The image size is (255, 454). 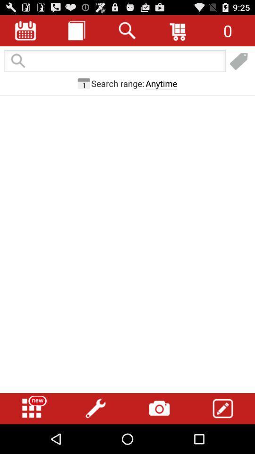 What do you see at coordinates (118, 83) in the screenshot?
I see `icon to the left of the anytime button` at bounding box center [118, 83].